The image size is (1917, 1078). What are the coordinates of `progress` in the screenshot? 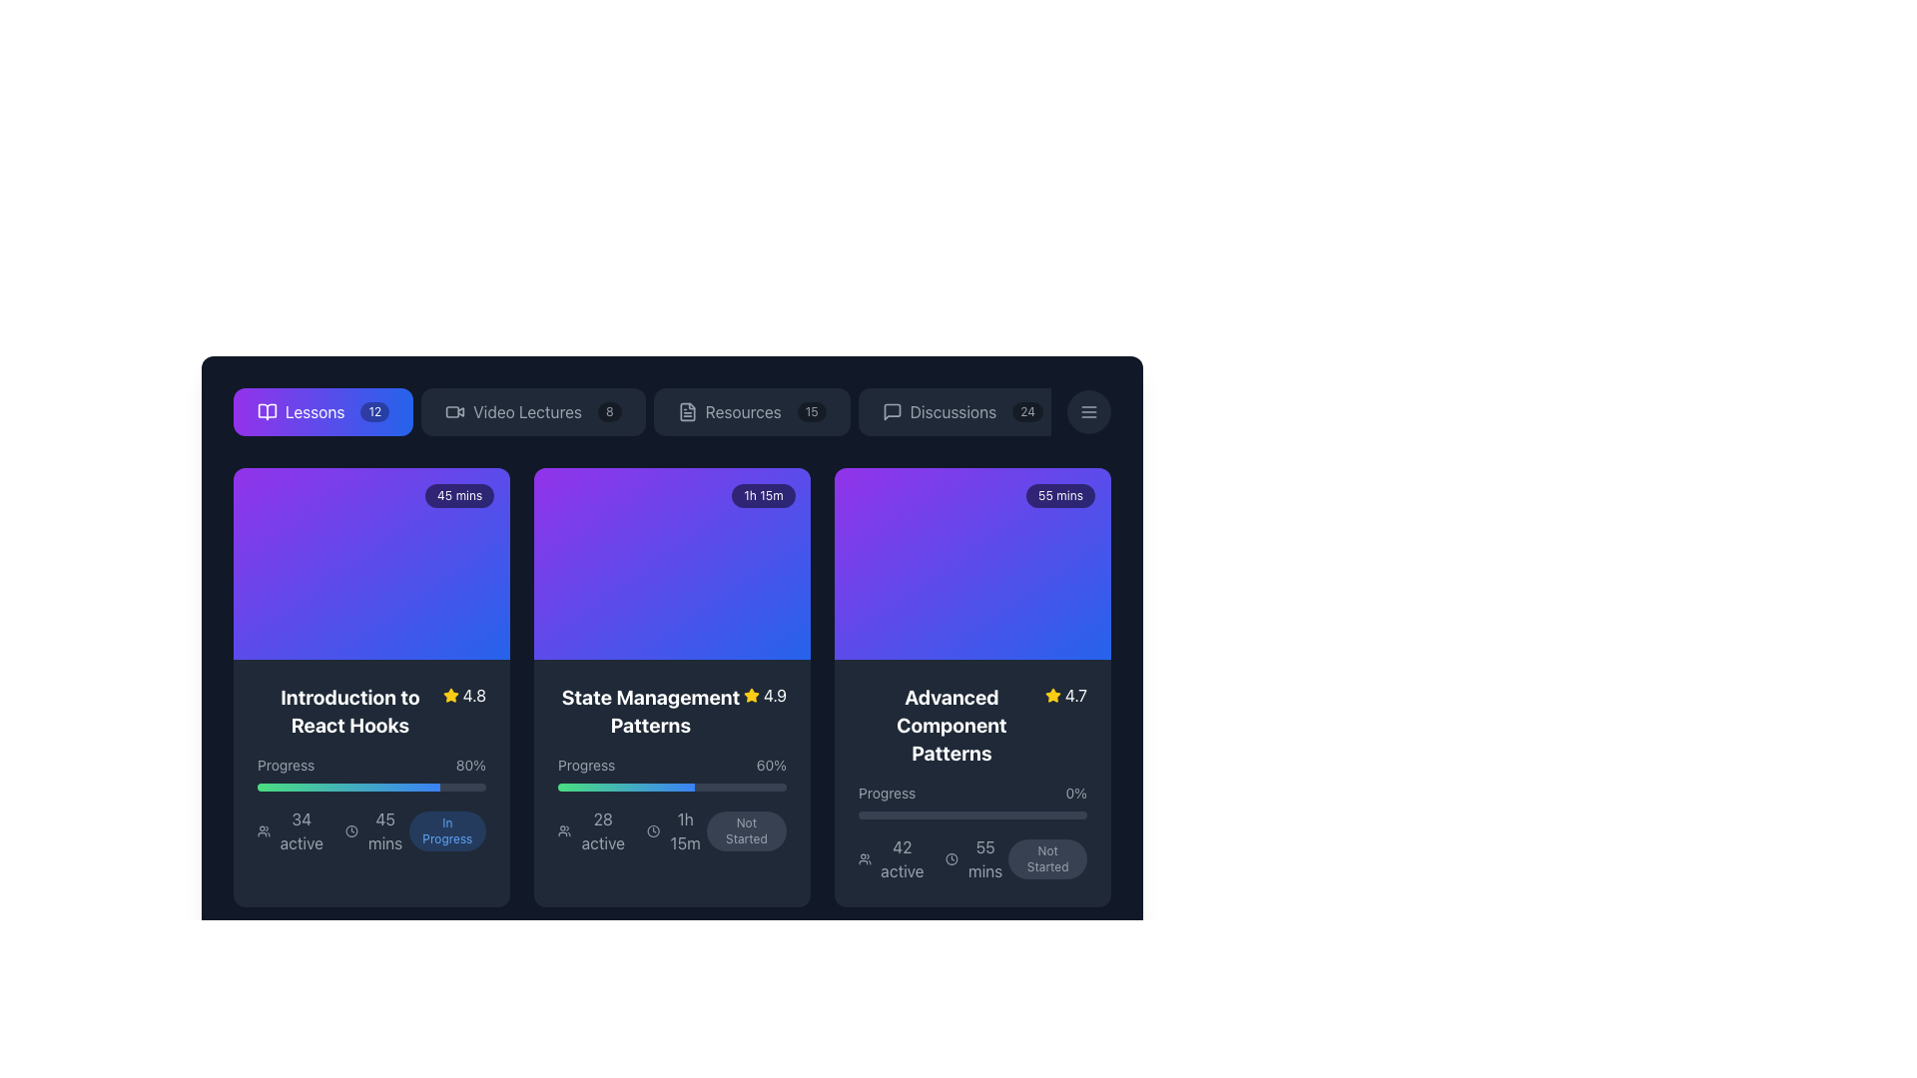 It's located at (335, 787).